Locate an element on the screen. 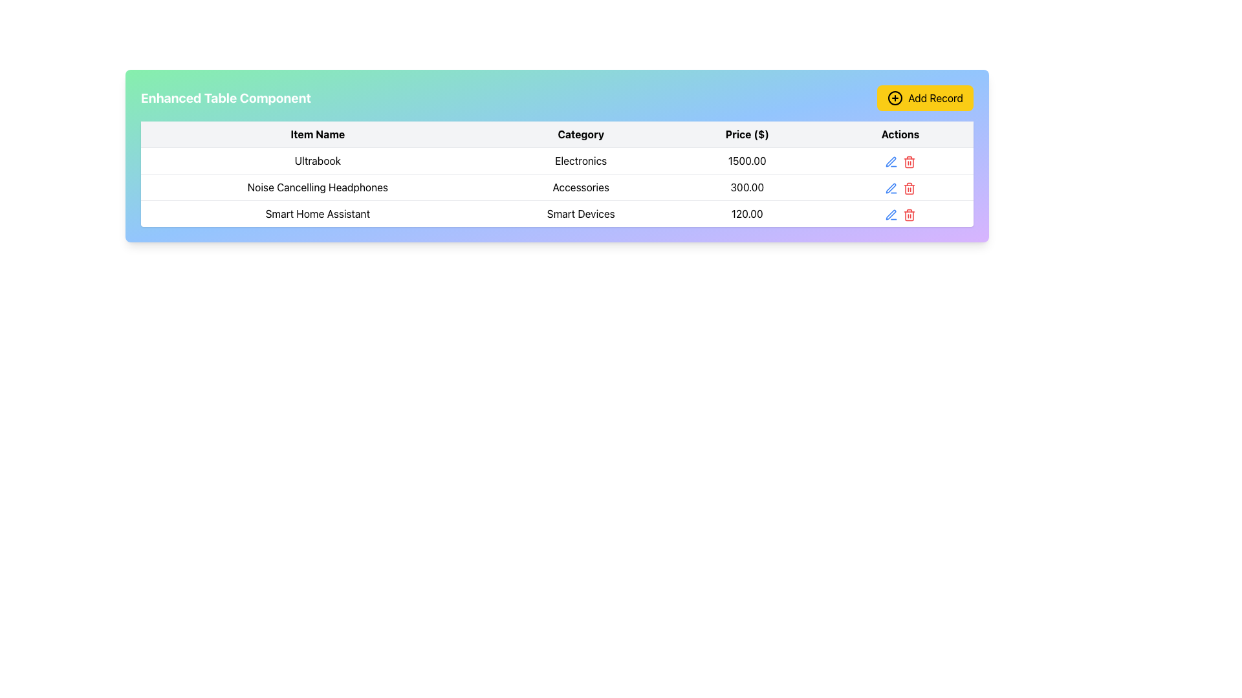  the price display text for the item 'Smart Home Assistant' located in the 'Price ($)' column of the third row in the table is located at coordinates (747, 213).